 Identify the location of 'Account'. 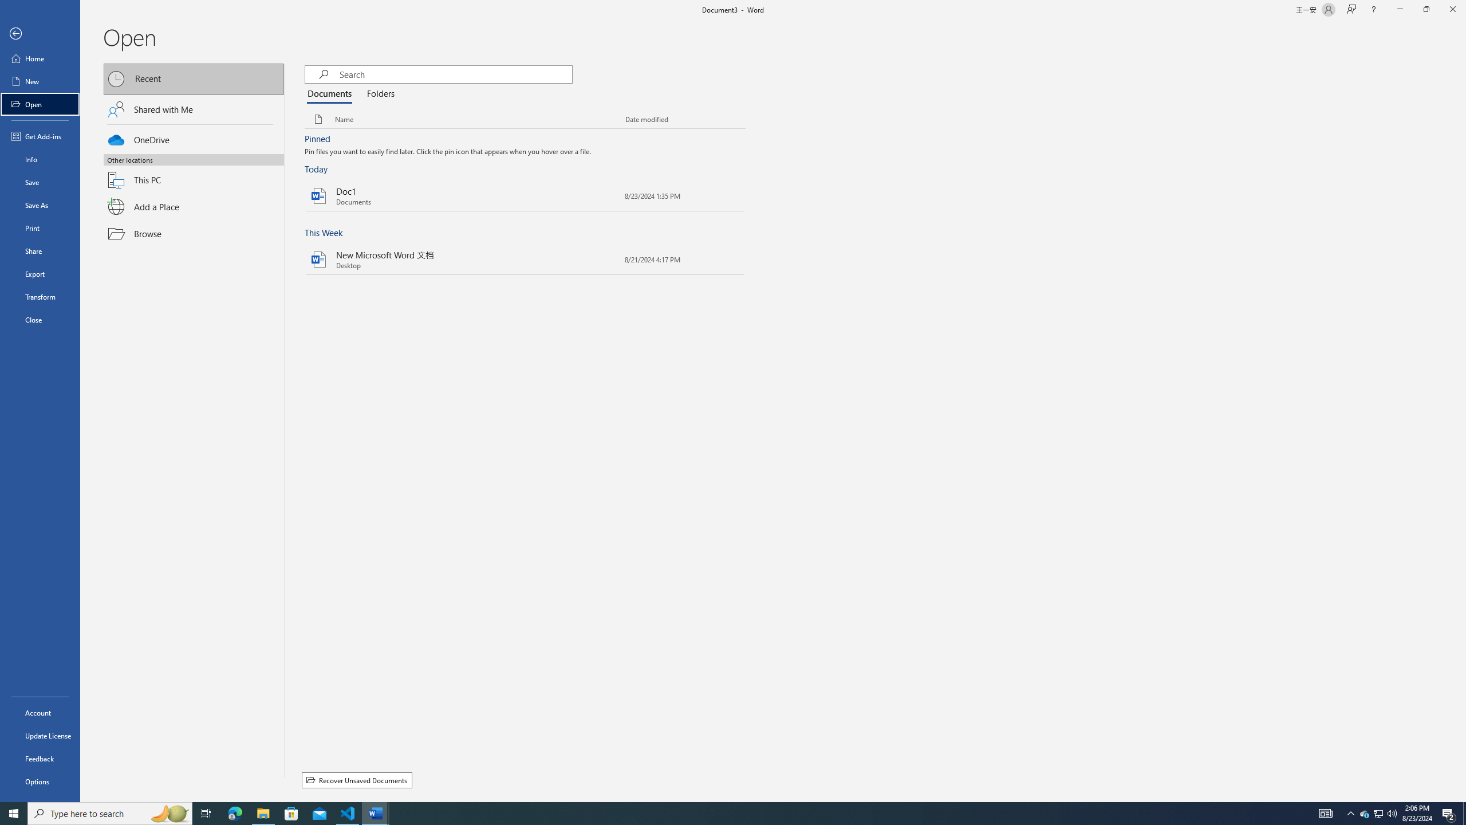
(40, 713).